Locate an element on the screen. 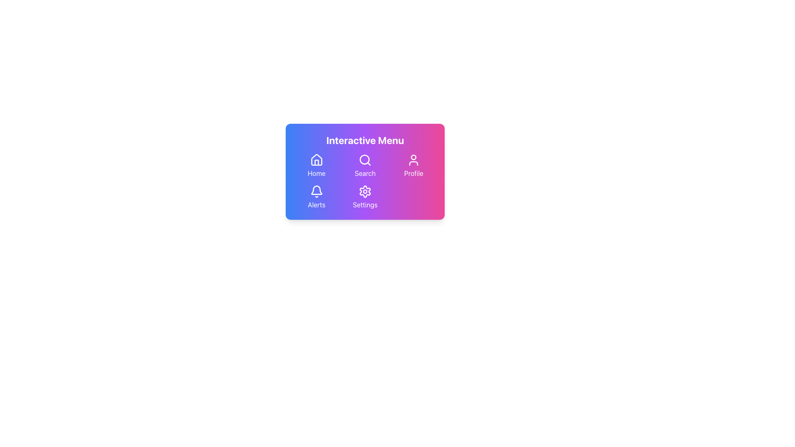 The height and width of the screenshot is (447, 795). the user profile silhouette icon located at the top-right of the interactive menu for additional information or visual feedback is located at coordinates (414, 160).